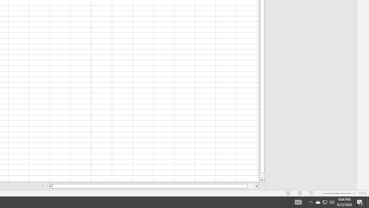  What do you see at coordinates (337, 193) in the screenshot?
I see `'Zoom'` at bounding box center [337, 193].